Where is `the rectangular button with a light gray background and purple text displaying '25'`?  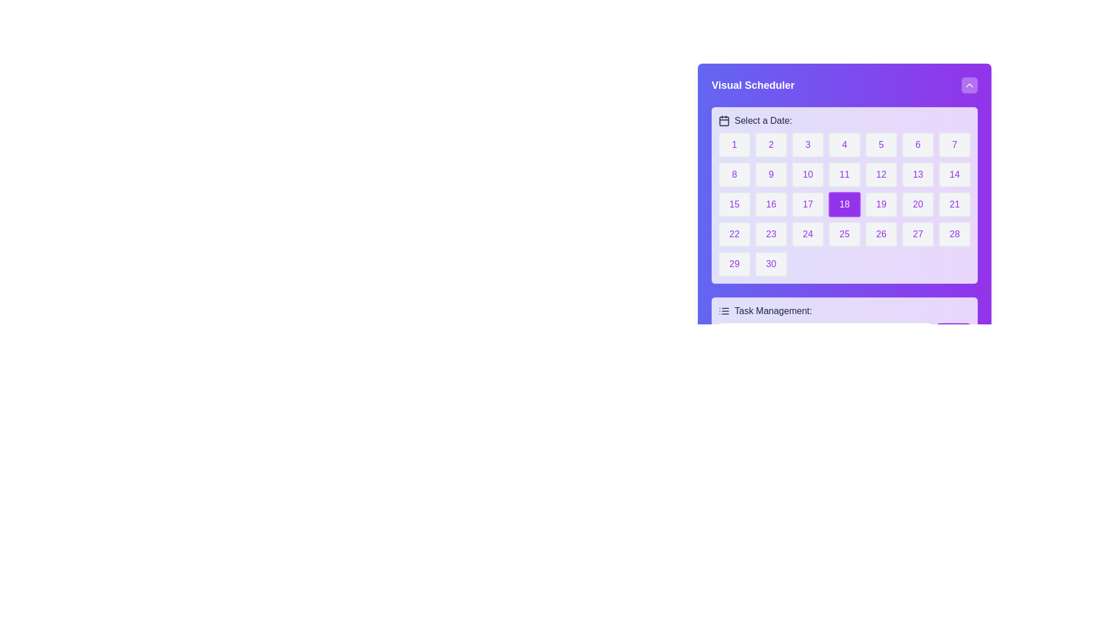
the rectangular button with a light gray background and purple text displaying '25' is located at coordinates (845, 233).